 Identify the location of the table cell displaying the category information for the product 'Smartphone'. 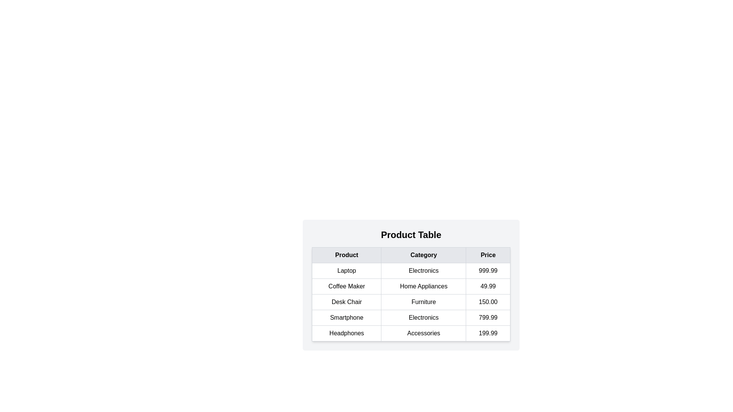
(423, 318).